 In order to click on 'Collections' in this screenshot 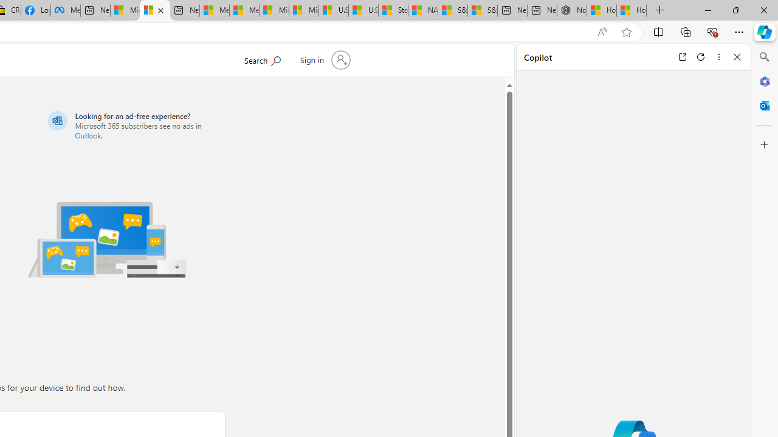, I will do `click(686, 31)`.